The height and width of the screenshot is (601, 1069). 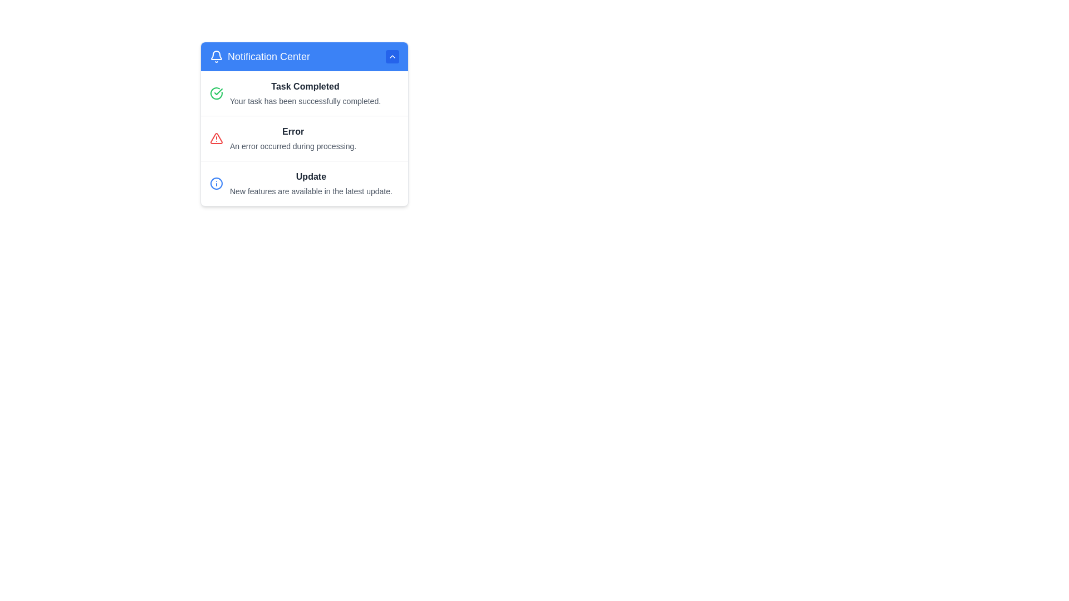 What do you see at coordinates (311, 183) in the screenshot?
I see `the List Item with Text that contains the bold title 'Update' and descriptive text 'New features are available in the latest update.' located in the notification panel, specifically in the third position of the vertically stacked list` at bounding box center [311, 183].